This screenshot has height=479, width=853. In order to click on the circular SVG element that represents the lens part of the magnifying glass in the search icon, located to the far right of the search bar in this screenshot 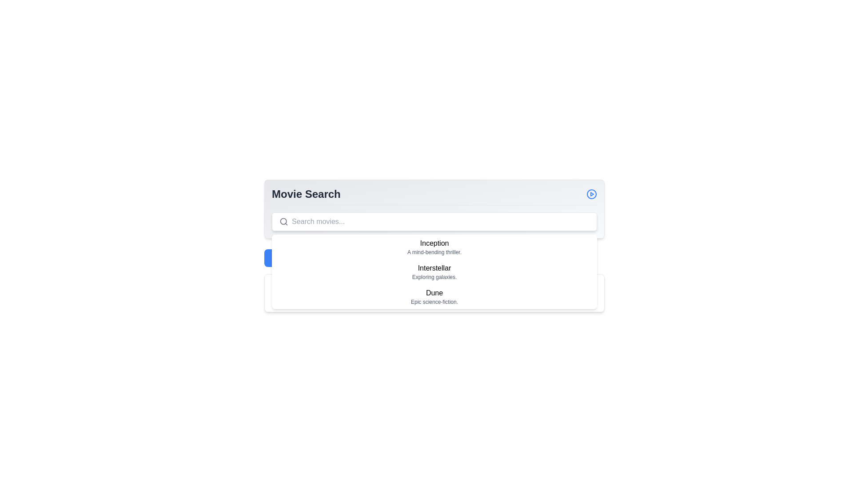, I will do `click(283, 221)`.